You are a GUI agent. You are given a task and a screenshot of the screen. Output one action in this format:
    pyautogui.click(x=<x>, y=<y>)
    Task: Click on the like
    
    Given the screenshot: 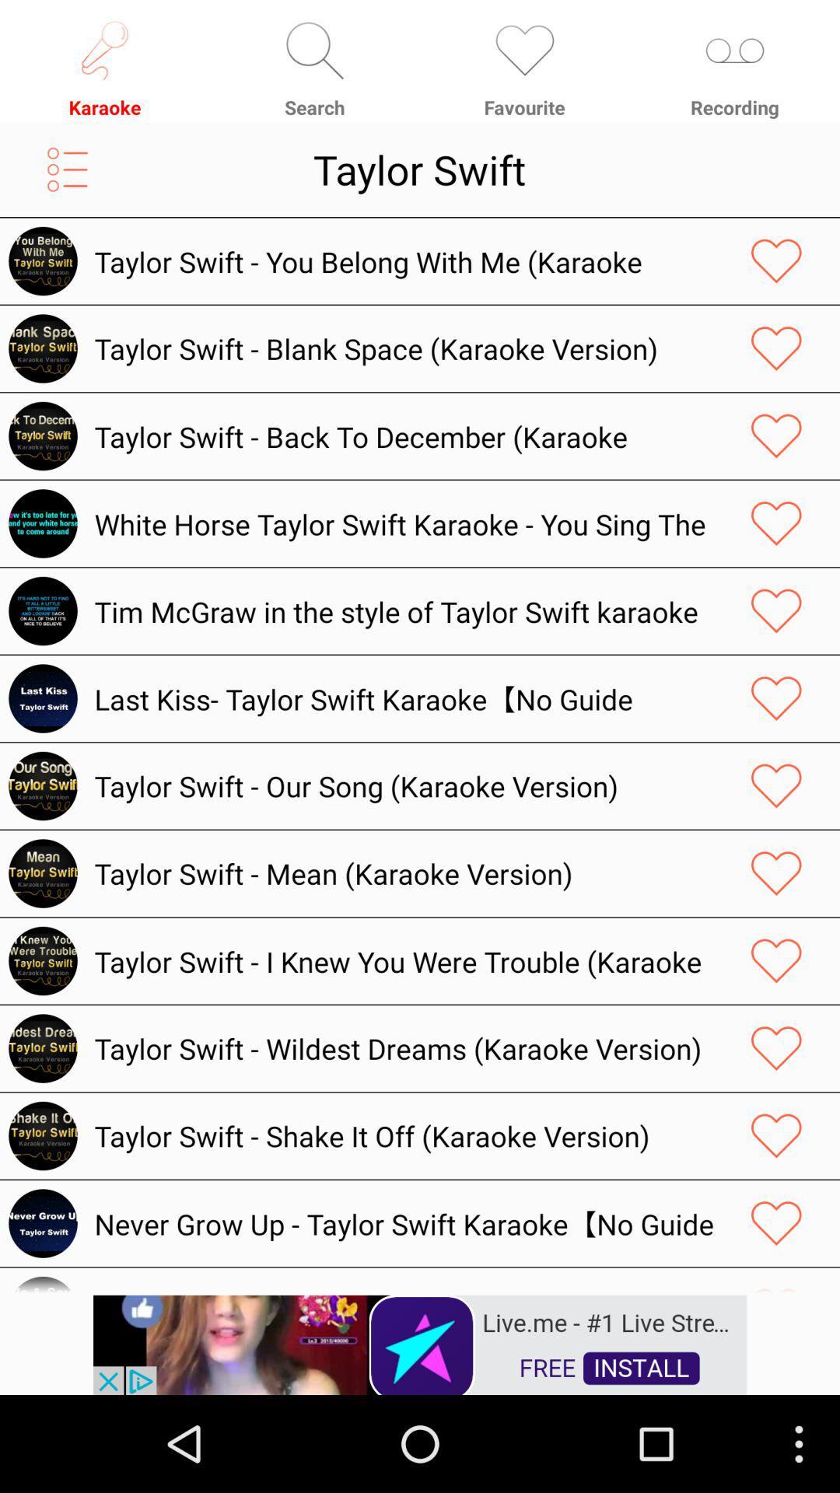 What is the action you would take?
    pyautogui.click(x=776, y=435)
    